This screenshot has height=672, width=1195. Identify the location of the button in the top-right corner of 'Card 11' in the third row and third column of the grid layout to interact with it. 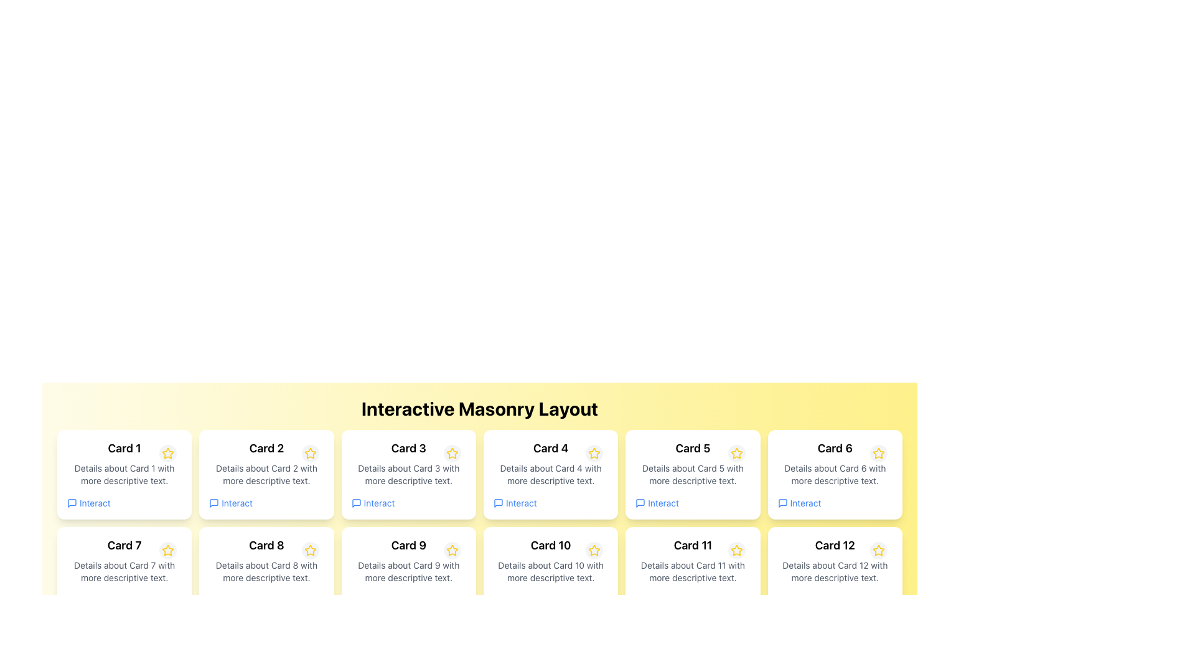
(736, 549).